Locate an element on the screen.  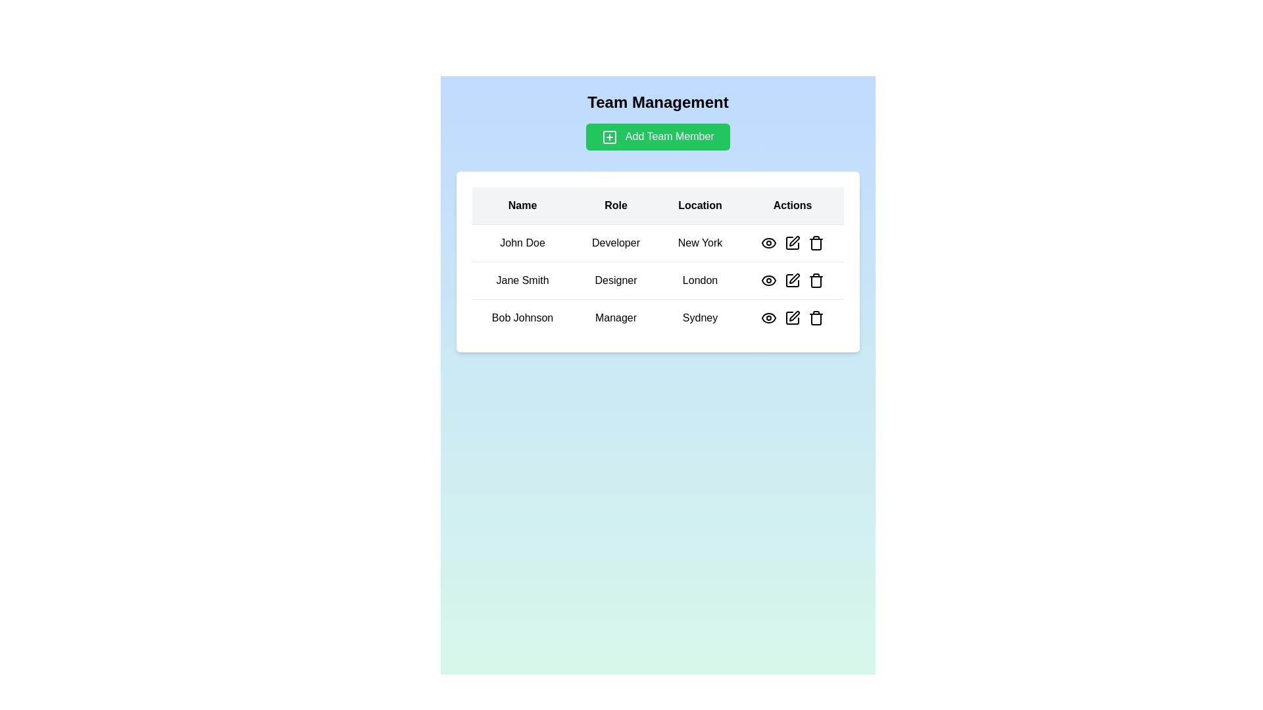
the Text Label displaying the role of 'Jane Smith' in the 'Team Management' data table, located in the second cell of its row under the 'Role' column is located at coordinates (615, 279).